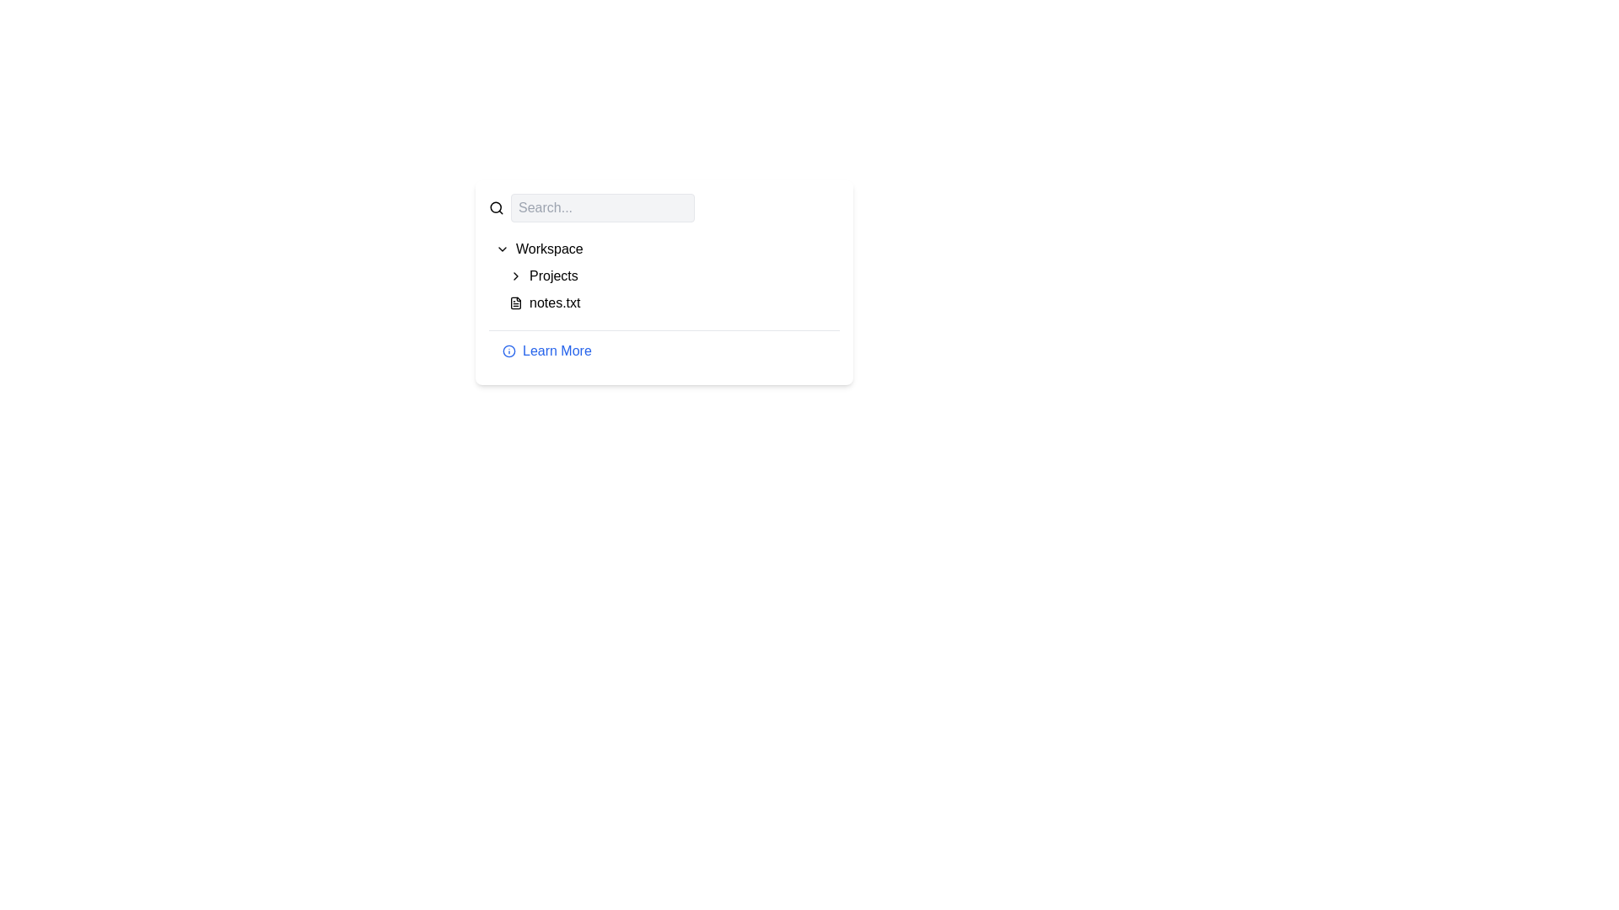  Describe the element at coordinates (496, 206) in the screenshot. I see `the magnifying glass icon located at the leftmost position of the horizontal layout` at that location.